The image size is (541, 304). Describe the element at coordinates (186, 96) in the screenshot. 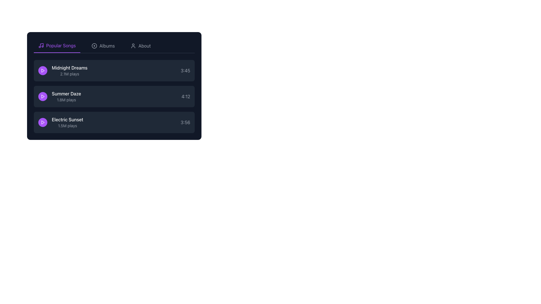

I see `text displayed in the light gray color '4:12' located in the lower-right corner of the second song entry in the vertically stacked list of songs` at that location.